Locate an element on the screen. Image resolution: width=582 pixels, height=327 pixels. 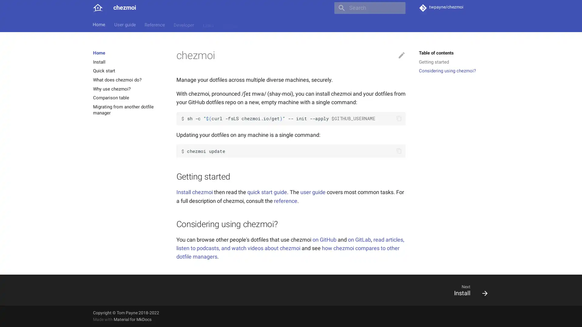
Clear is located at coordinates (398, 8).